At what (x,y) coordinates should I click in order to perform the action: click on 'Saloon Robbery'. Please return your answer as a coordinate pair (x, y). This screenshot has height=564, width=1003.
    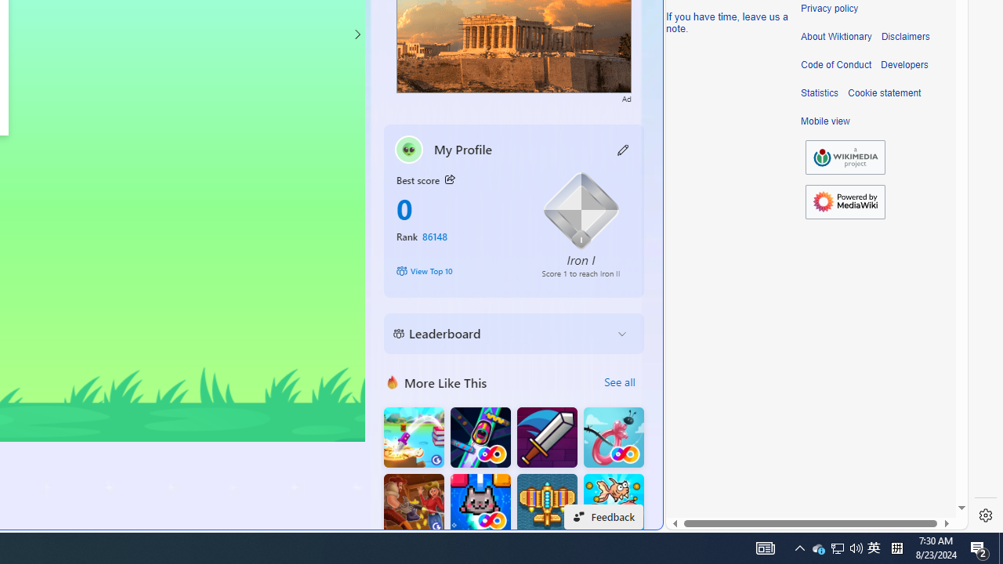
    Looking at the image, I should click on (414, 504).